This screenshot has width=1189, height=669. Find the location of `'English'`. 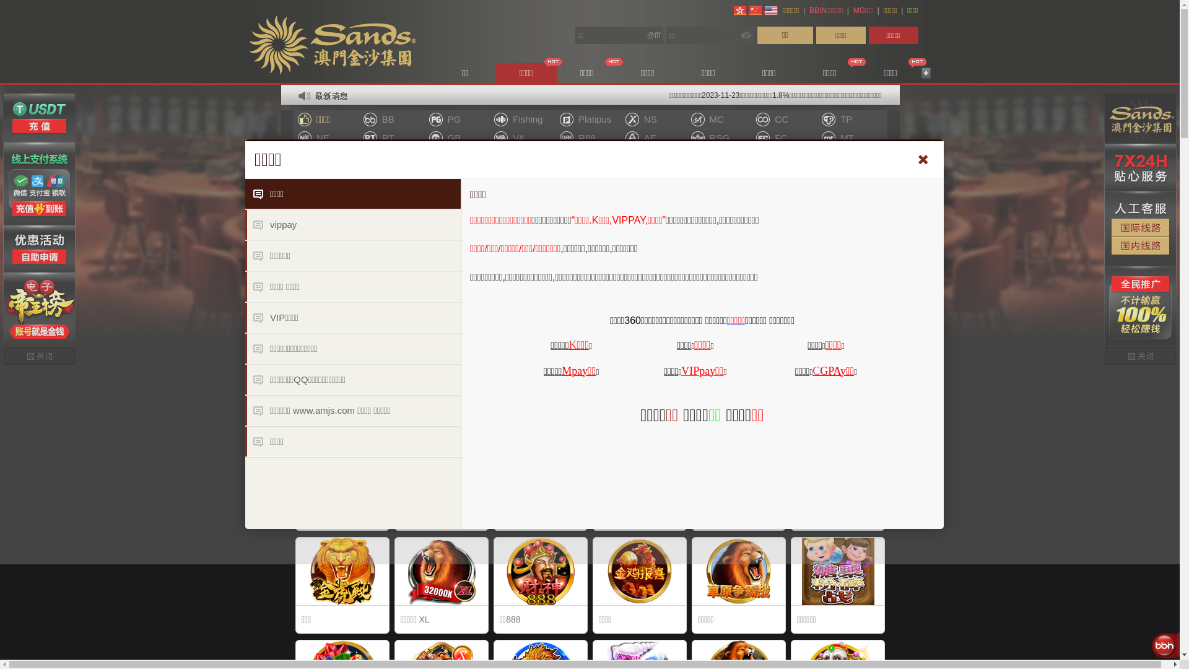

'English' is located at coordinates (763, 10).